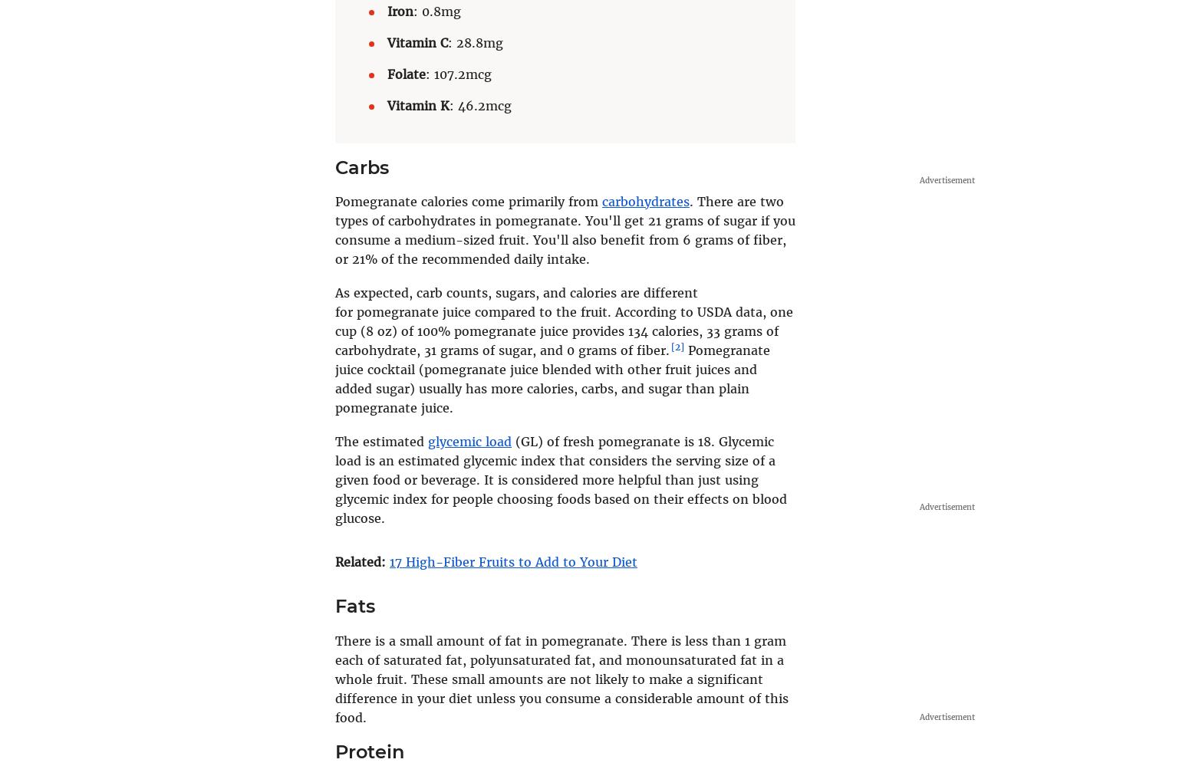 This screenshot has width=1189, height=766. What do you see at coordinates (479, 104) in the screenshot?
I see `': 46.2mcg'` at bounding box center [479, 104].